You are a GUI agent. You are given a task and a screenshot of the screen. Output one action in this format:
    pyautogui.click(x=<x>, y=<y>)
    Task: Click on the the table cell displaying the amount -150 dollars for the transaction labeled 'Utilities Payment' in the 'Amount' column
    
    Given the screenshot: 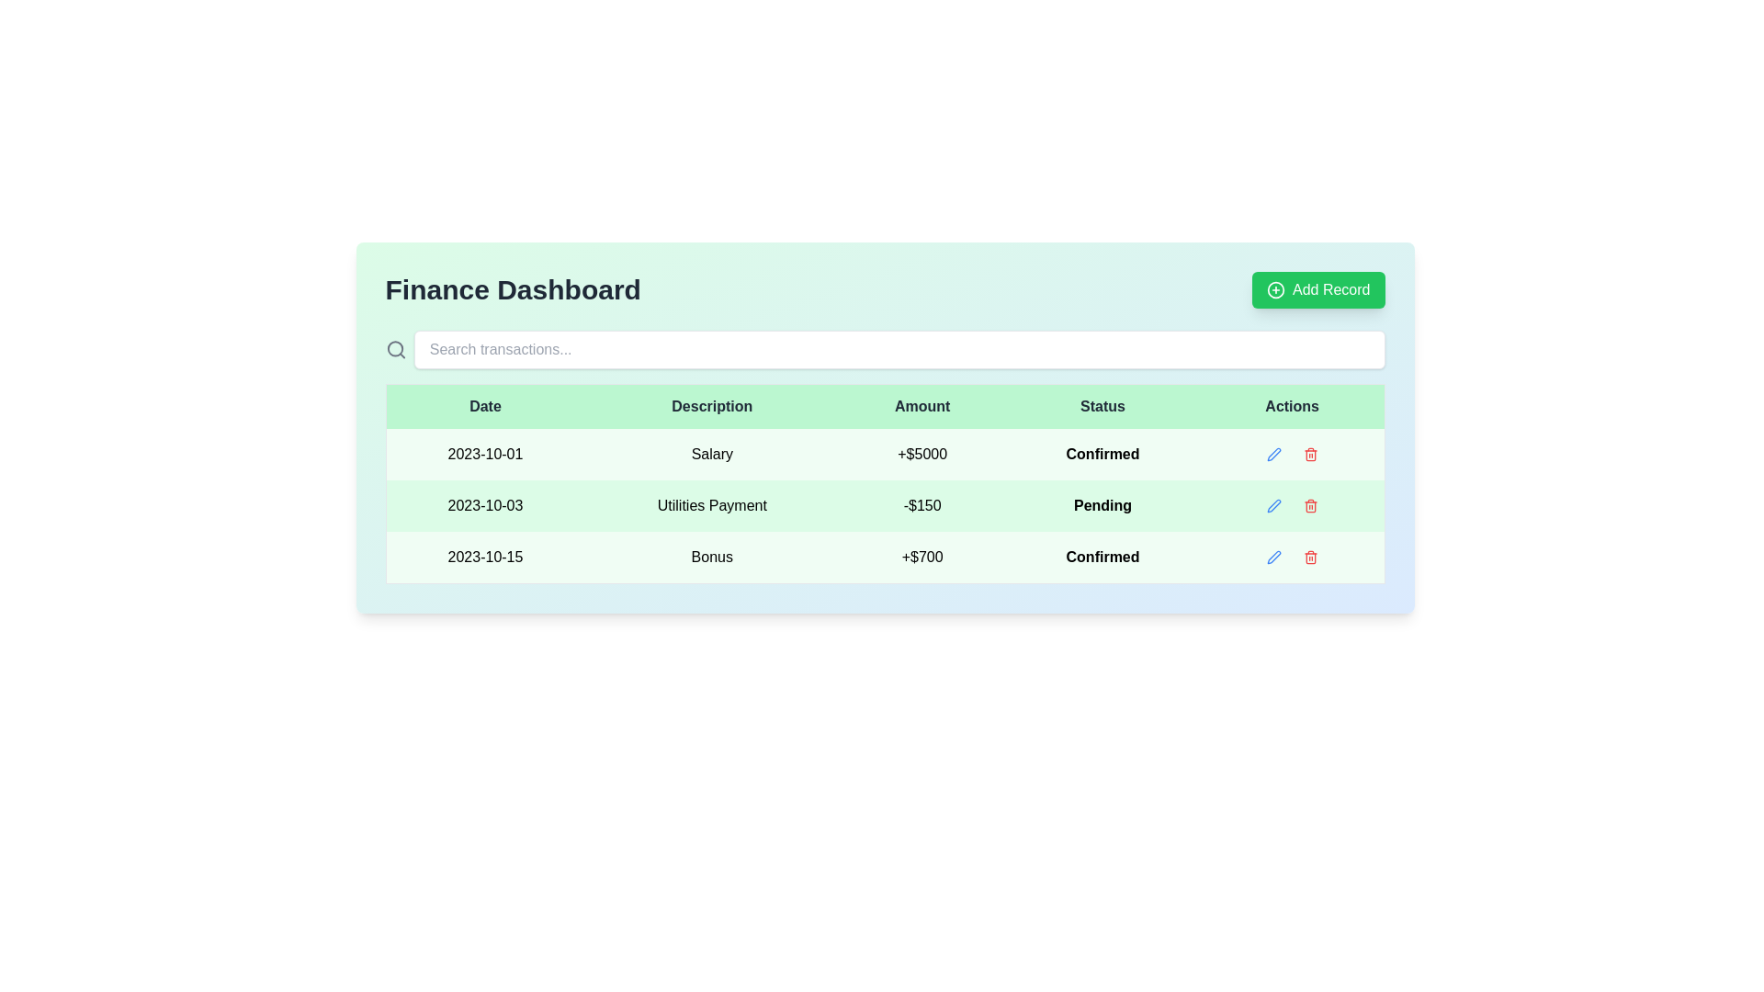 What is the action you would take?
    pyautogui.click(x=922, y=506)
    